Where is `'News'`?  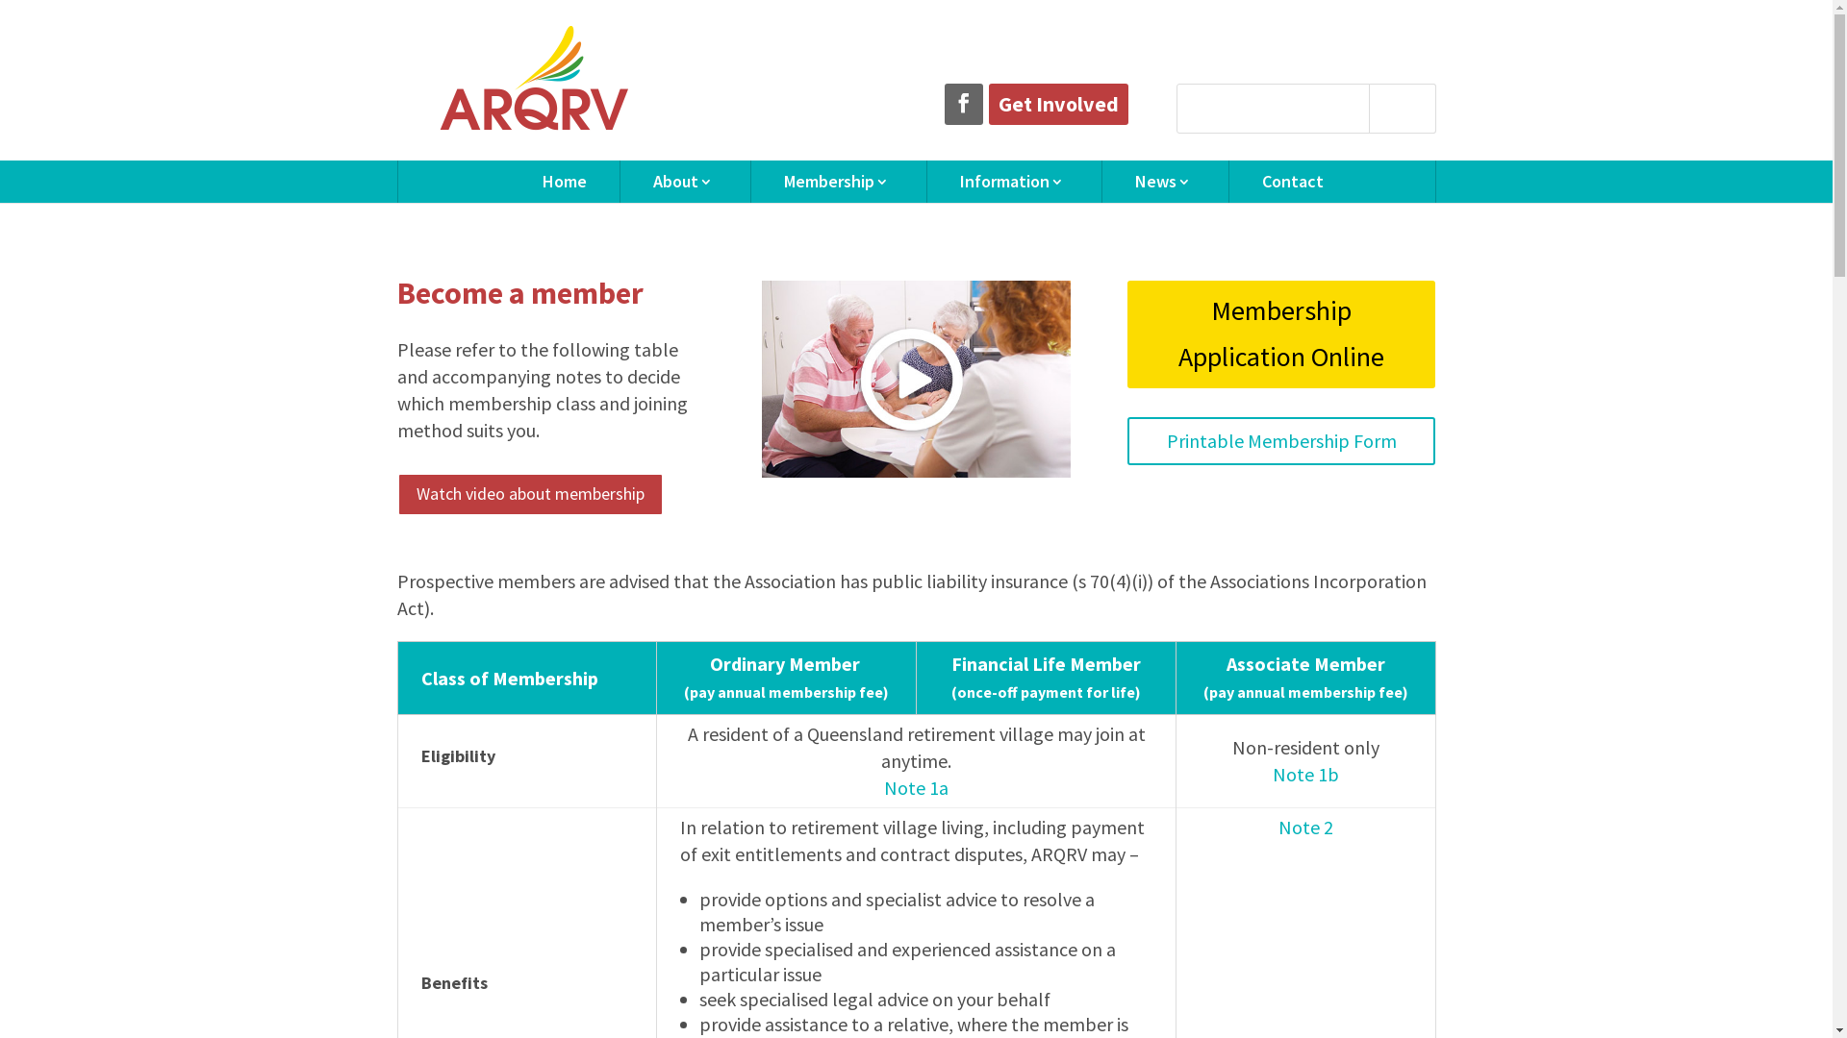
'News' is located at coordinates (1164, 182).